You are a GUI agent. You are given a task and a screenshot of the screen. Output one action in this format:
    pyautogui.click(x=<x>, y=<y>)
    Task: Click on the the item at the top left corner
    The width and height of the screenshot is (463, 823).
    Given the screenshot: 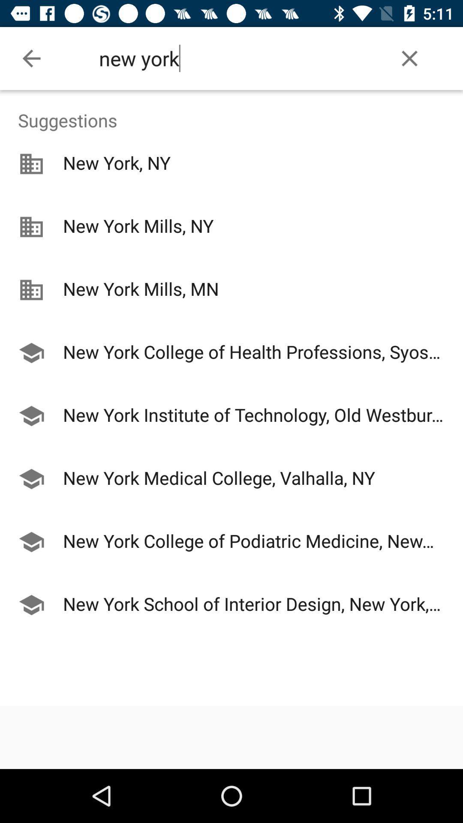 What is the action you would take?
    pyautogui.click(x=31, y=58)
    